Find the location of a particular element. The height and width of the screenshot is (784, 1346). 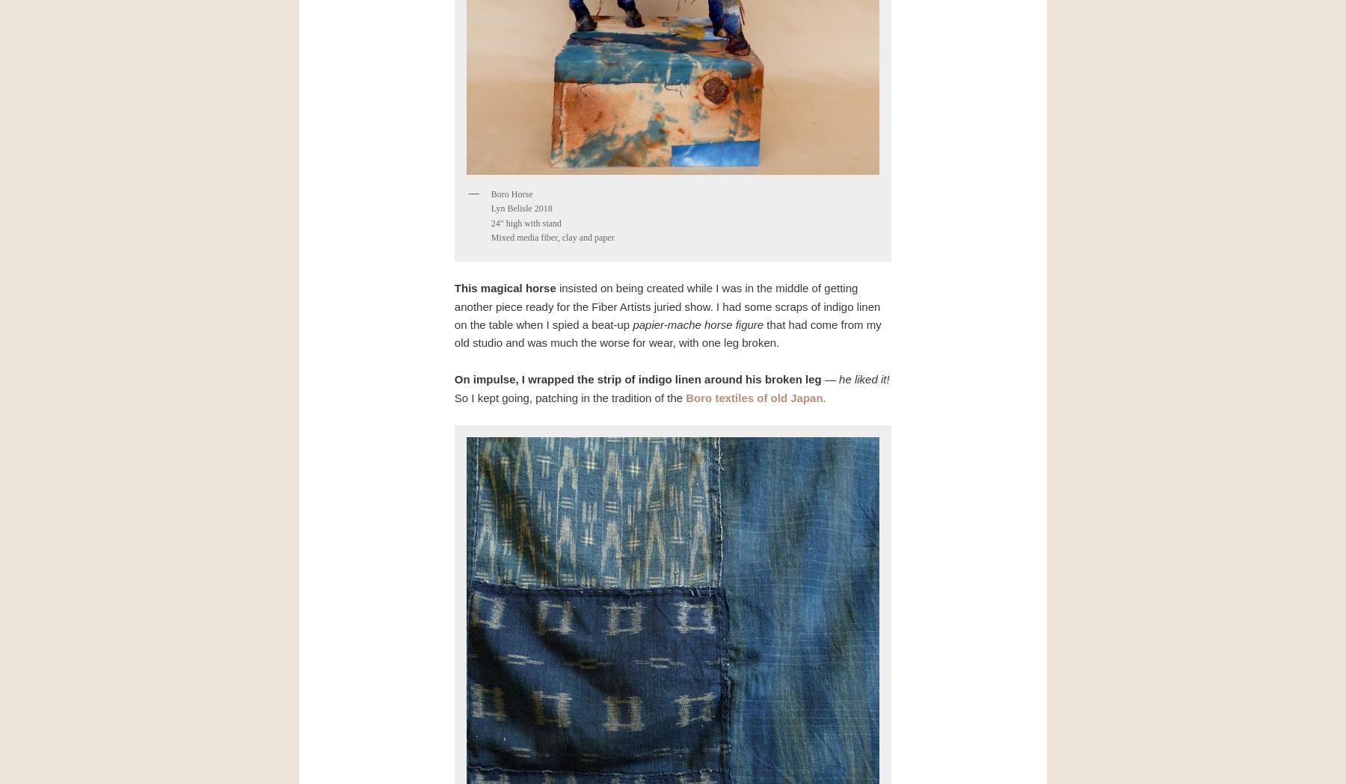

'24″ high with stand' is located at coordinates (525, 223).